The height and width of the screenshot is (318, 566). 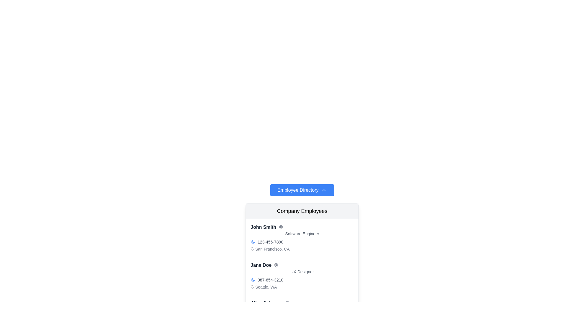 I want to click on the second map pin icon, so click(x=276, y=265).